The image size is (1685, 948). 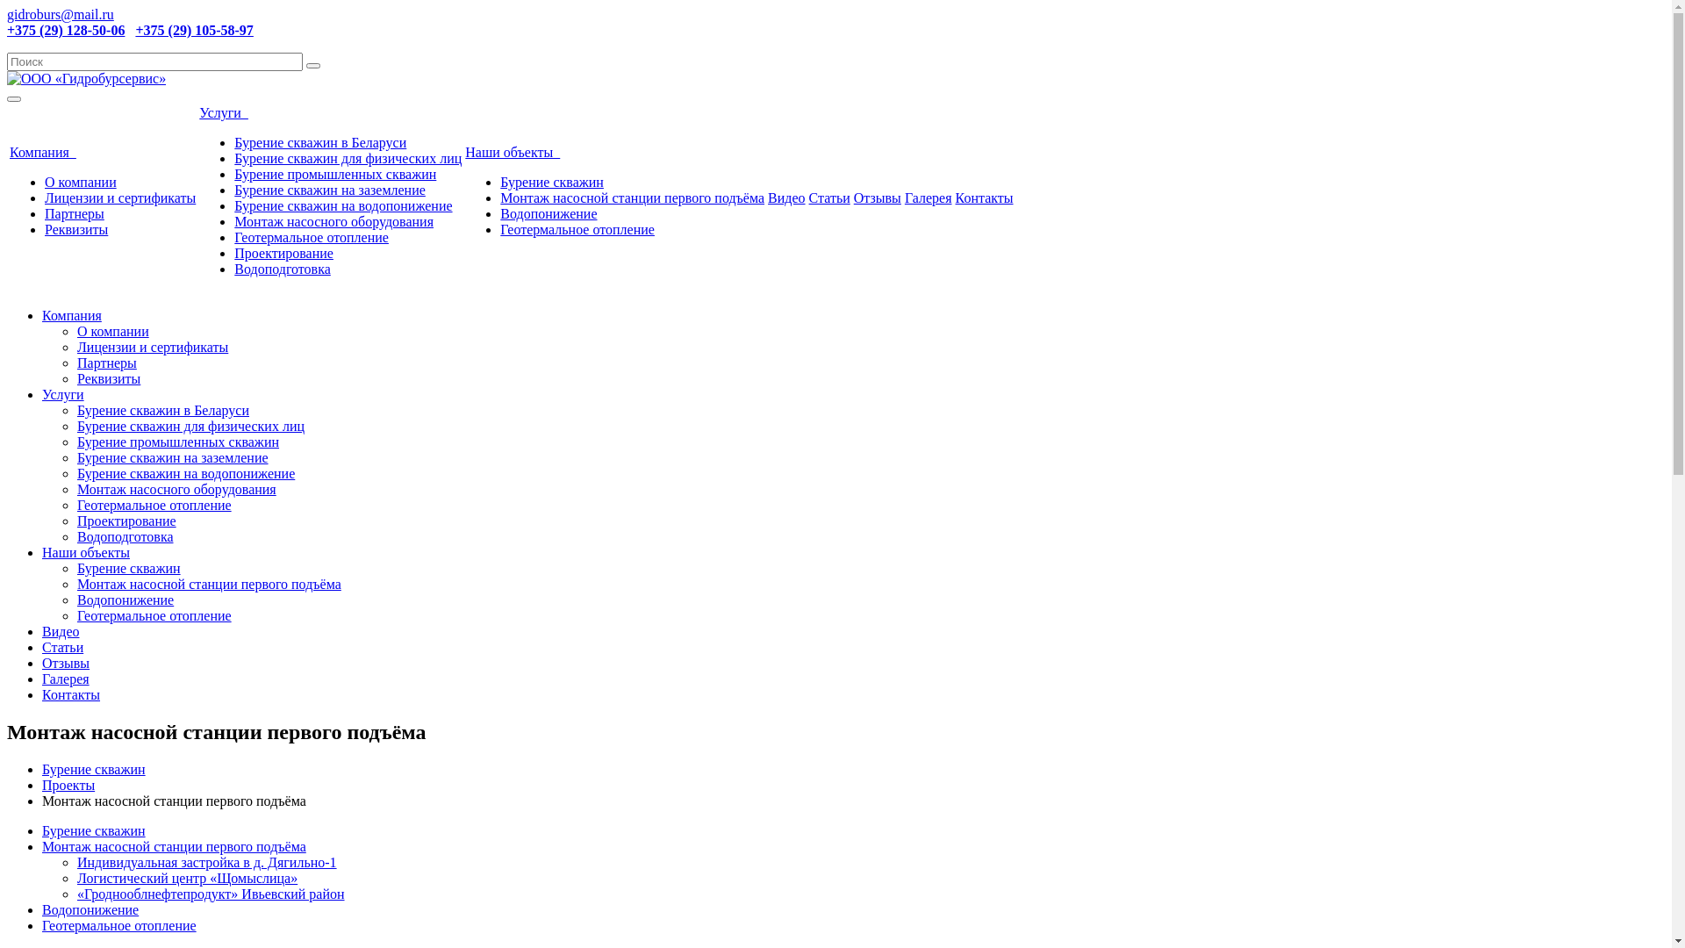 What do you see at coordinates (133, 30) in the screenshot?
I see `'+375 (29) 105-58-97'` at bounding box center [133, 30].